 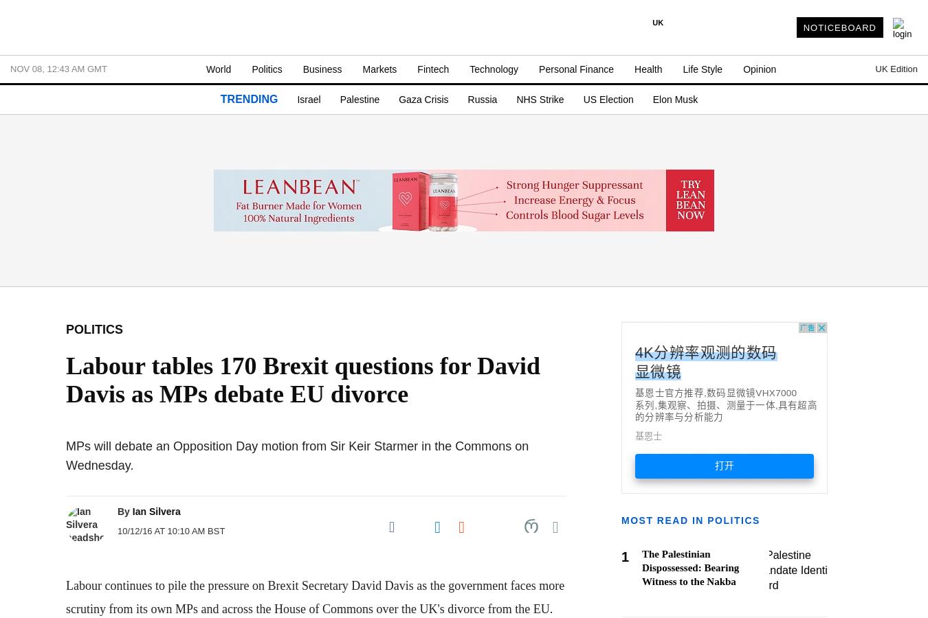 I want to click on 'International Edition', so click(x=702, y=187).